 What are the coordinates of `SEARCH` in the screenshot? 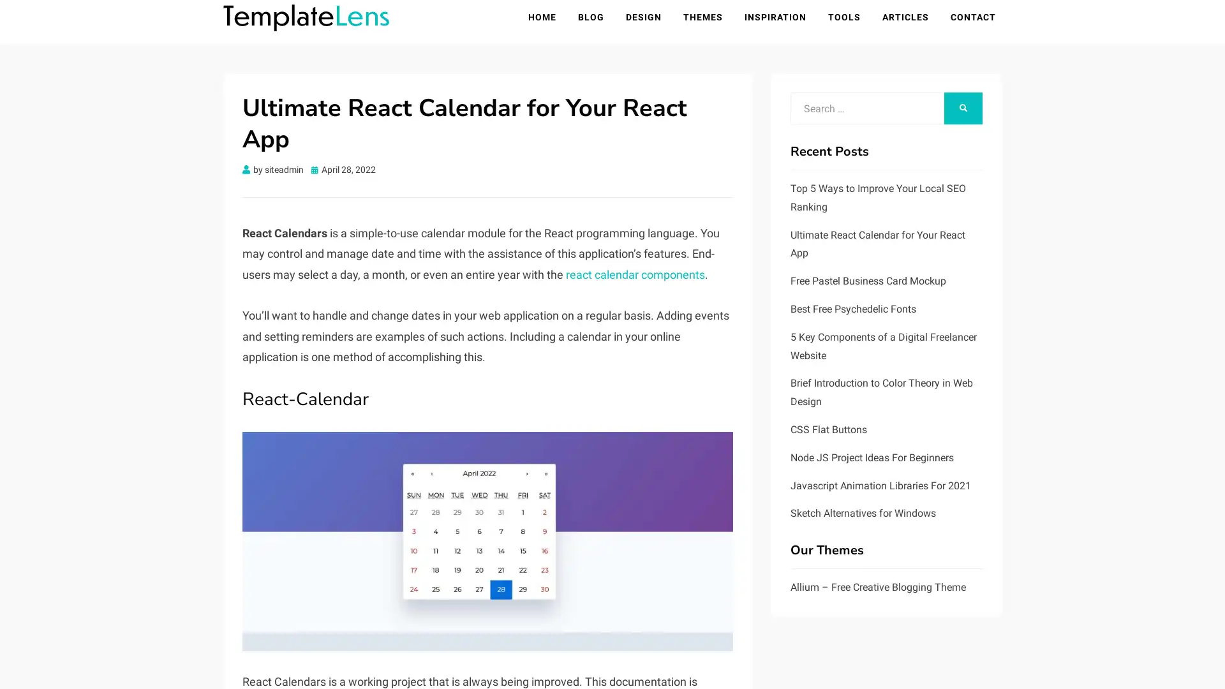 It's located at (963, 109).